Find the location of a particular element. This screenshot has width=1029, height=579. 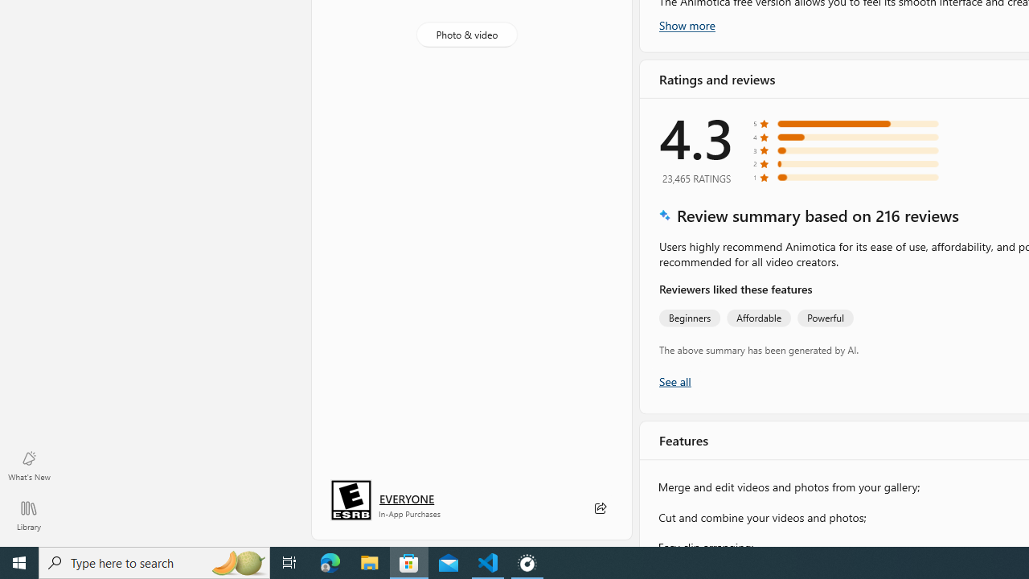

'Age rating: EVERYONE. Click for more information.' is located at coordinates (407, 497).